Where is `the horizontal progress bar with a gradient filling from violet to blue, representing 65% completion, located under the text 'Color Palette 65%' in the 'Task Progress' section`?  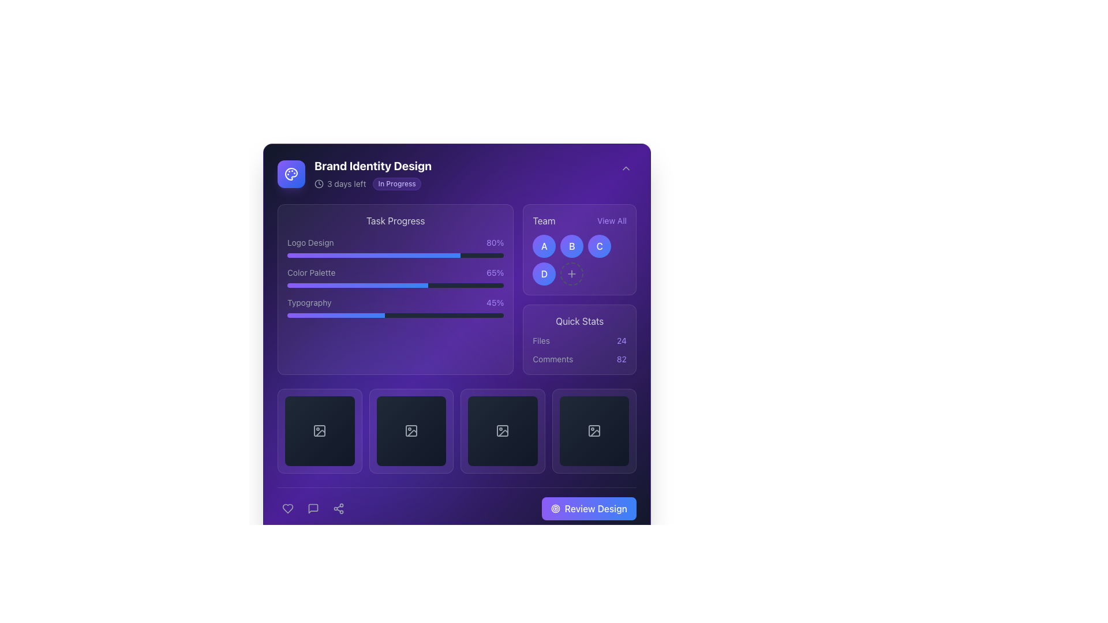 the horizontal progress bar with a gradient filling from violet to blue, representing 65% completion, located under the text 'Color Palette 65%' in the 'Task Progress' section is located at coordinates (395, 285).